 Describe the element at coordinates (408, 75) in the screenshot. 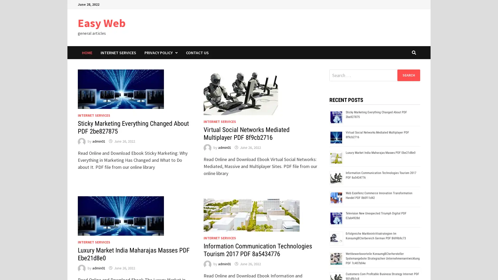

I see `Search` at that location.